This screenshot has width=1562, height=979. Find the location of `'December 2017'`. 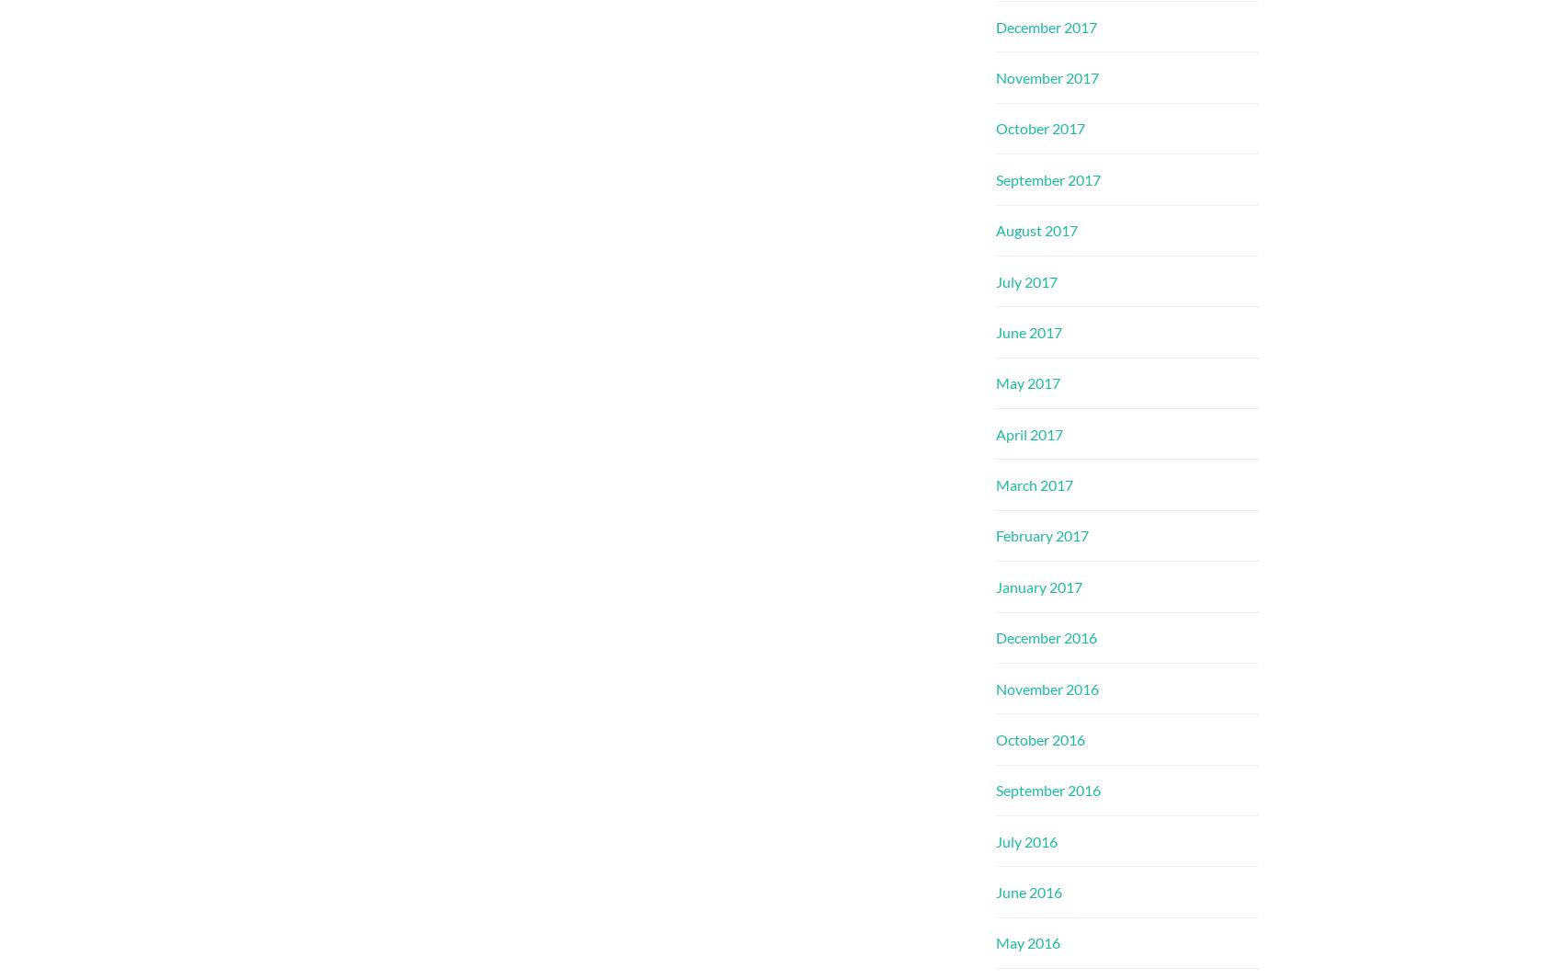

'December 2017' is located at coordinates (1047, 25).